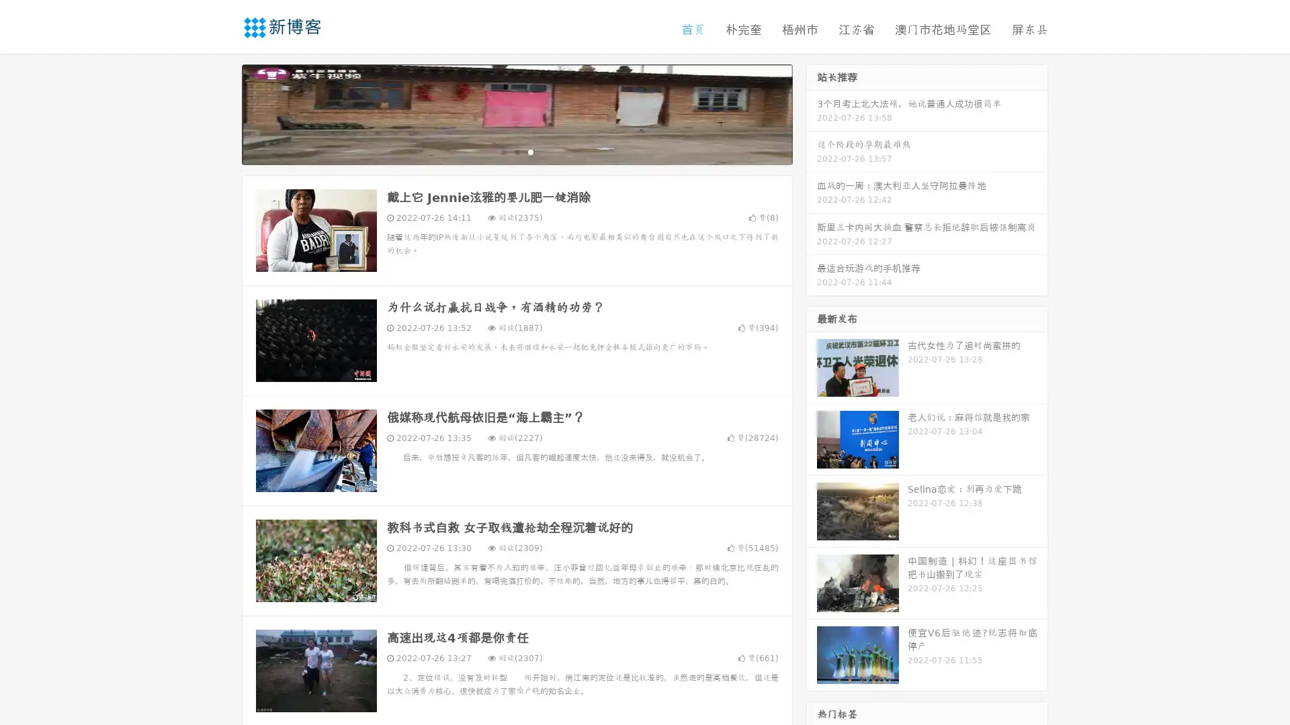 The width and height of the screenshot is (1290, 725). I want to click on Go to slide 1, so click(503, 151).